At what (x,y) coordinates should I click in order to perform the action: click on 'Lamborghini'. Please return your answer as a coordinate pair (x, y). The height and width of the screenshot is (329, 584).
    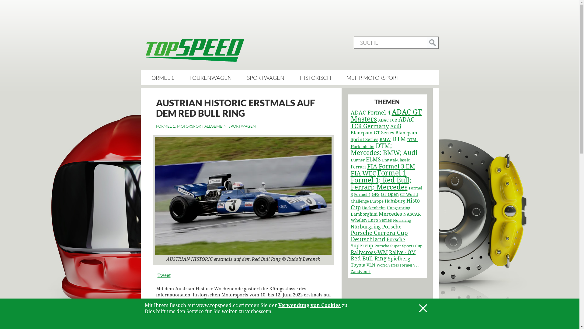
    Looking at the image, I should click on (363, 214).